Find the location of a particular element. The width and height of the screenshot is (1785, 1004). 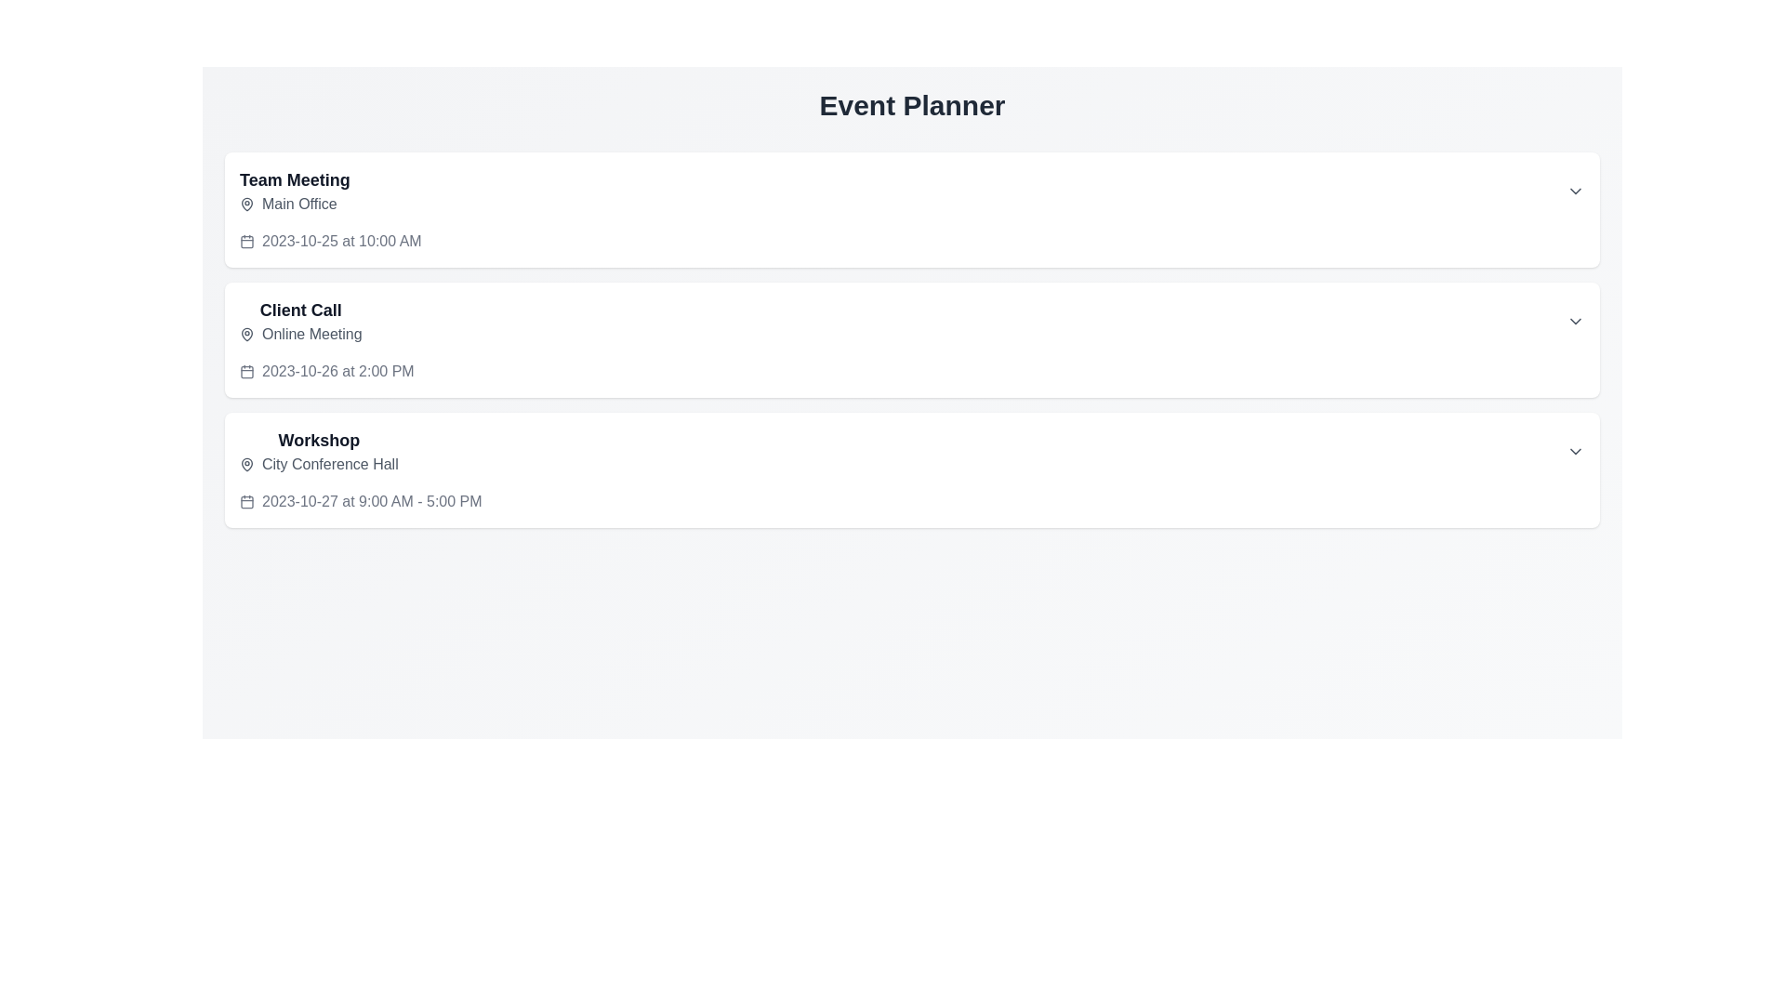

the calendar icon located in the 'Client Call' section is located at coordinates (245, 372).